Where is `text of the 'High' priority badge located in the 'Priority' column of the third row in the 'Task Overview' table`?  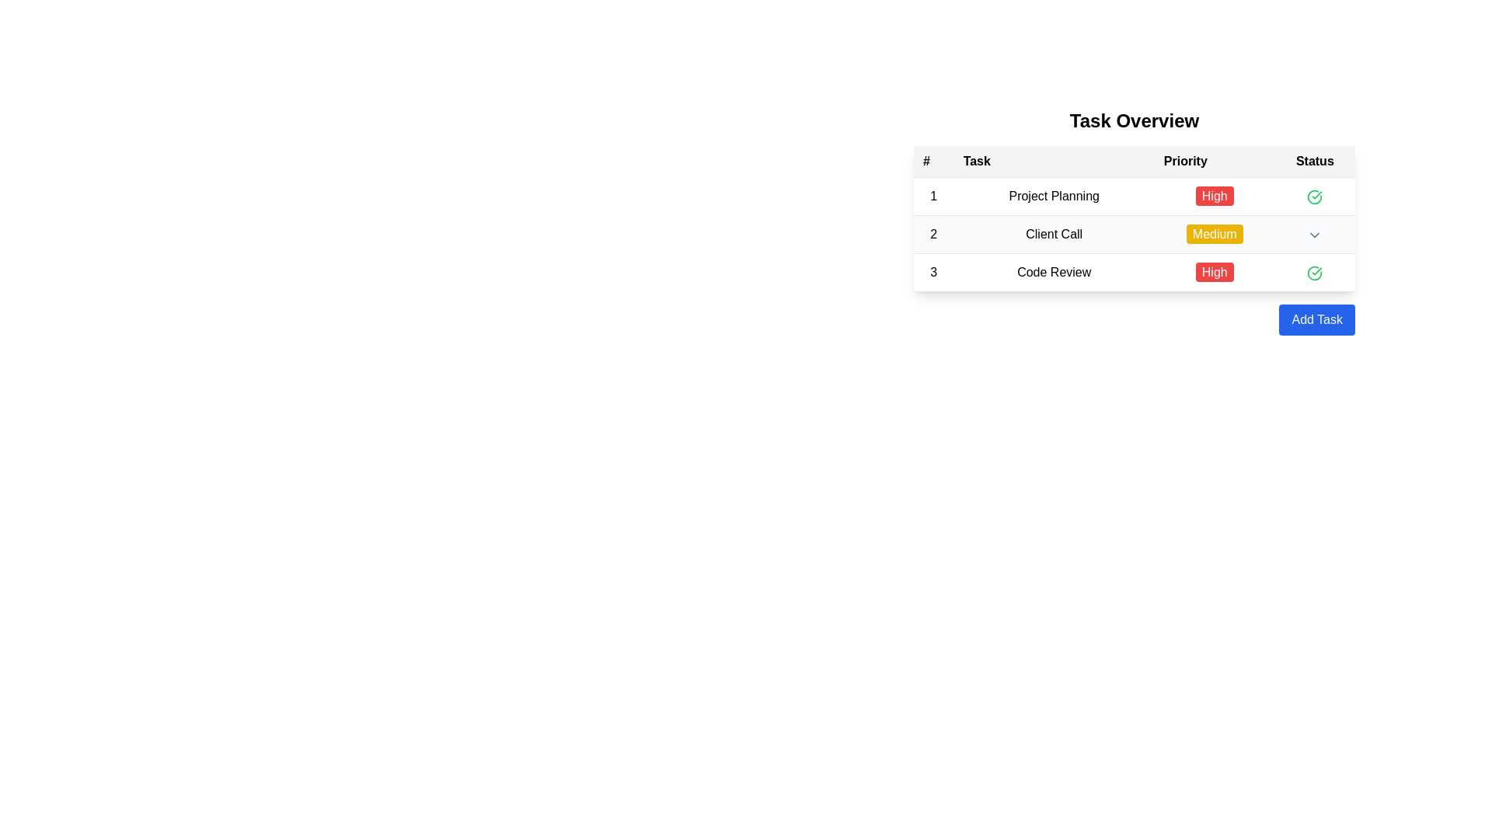
text of the 'High' priority badge located in the 'Priority' column of the third row in the 'Task Overview' table is located at coordinates (1214, 271).